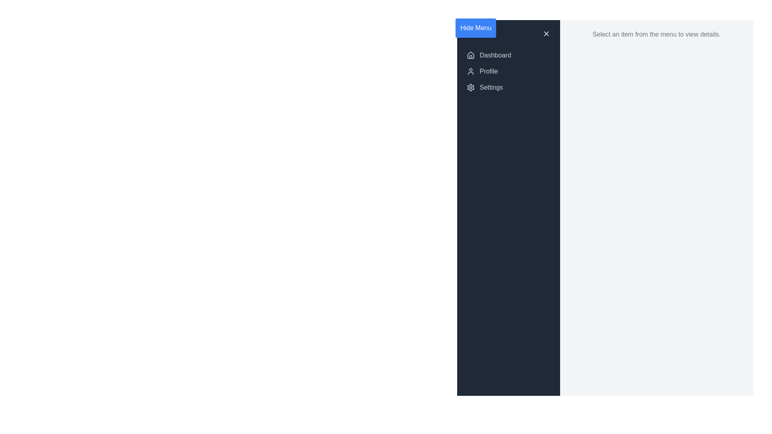  I want to click on the gear icon representing the 'Settings' menu item, so click(471, 88).